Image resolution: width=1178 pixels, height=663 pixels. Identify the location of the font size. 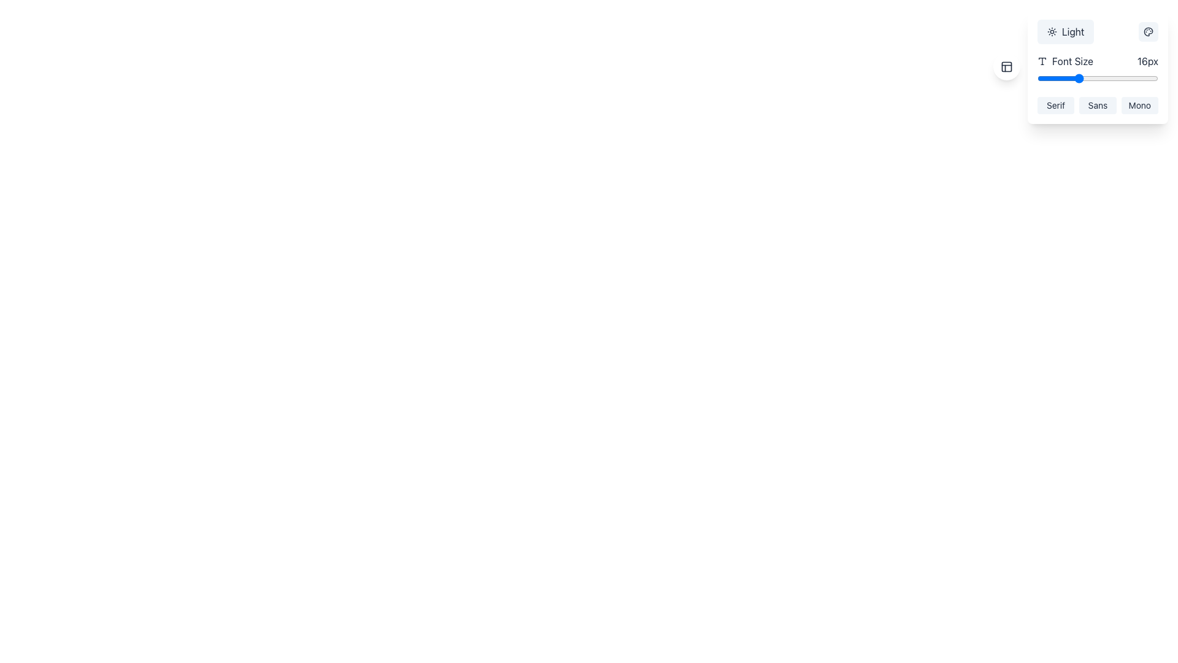
(1098, 78).